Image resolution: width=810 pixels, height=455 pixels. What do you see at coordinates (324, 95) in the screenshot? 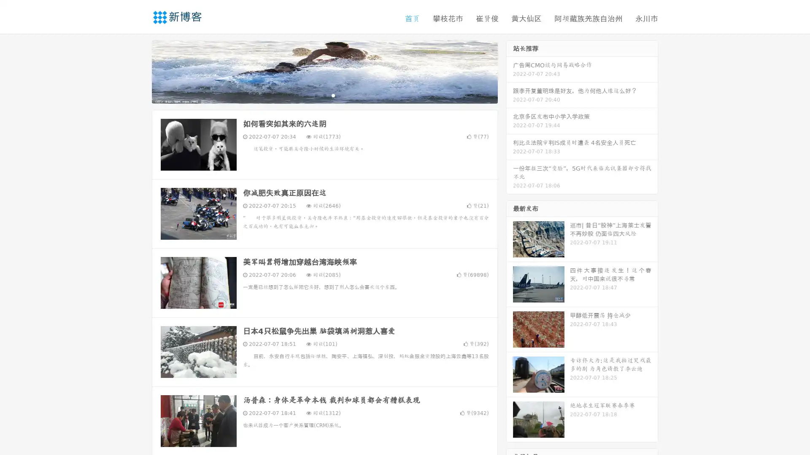
I see `Go to slide 2` at bounding box center [324, 95].